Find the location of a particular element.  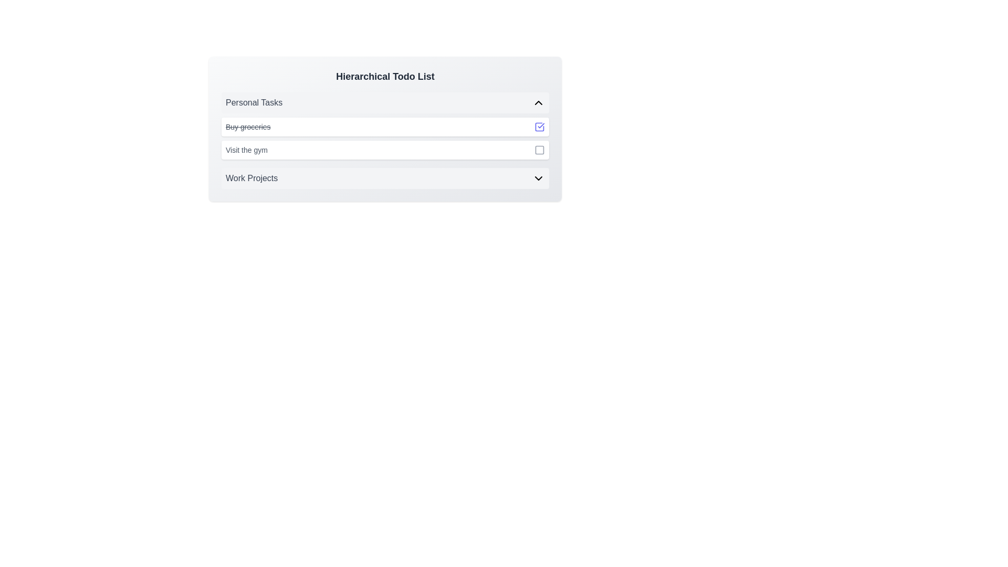

the checkbox indicating the completion status of the task 'Buy groceries' is located at coordinates (539, 127).